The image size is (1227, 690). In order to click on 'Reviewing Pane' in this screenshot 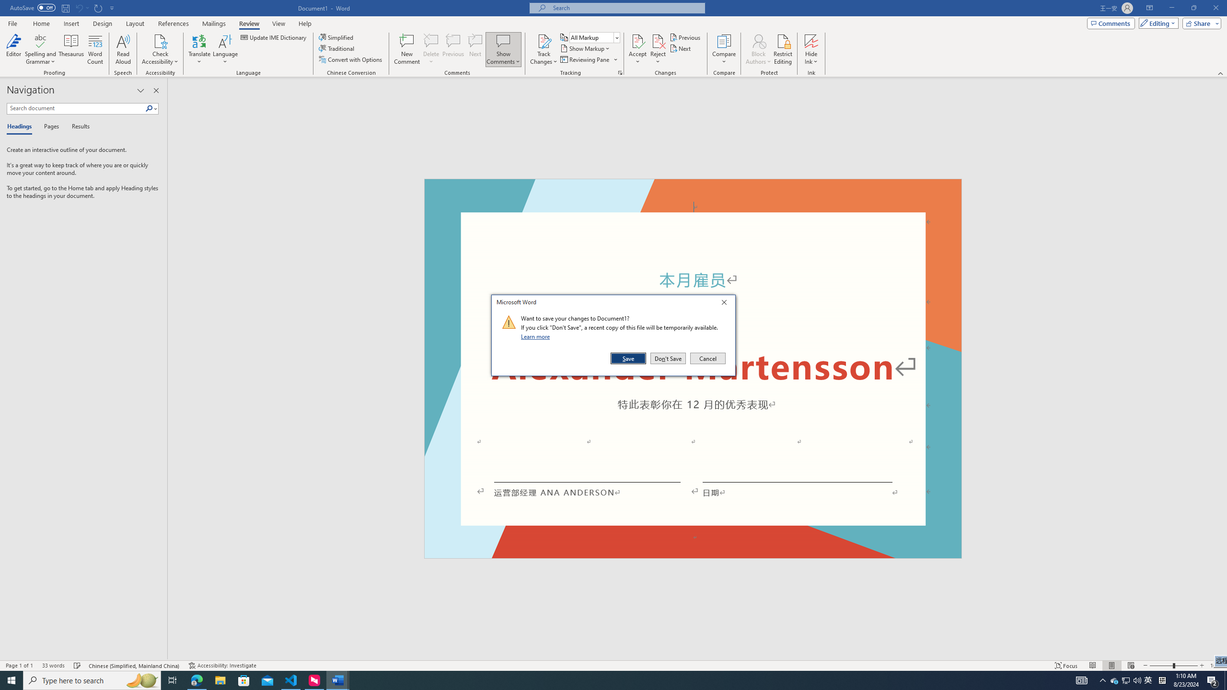, I will do `click(585, 58)`.